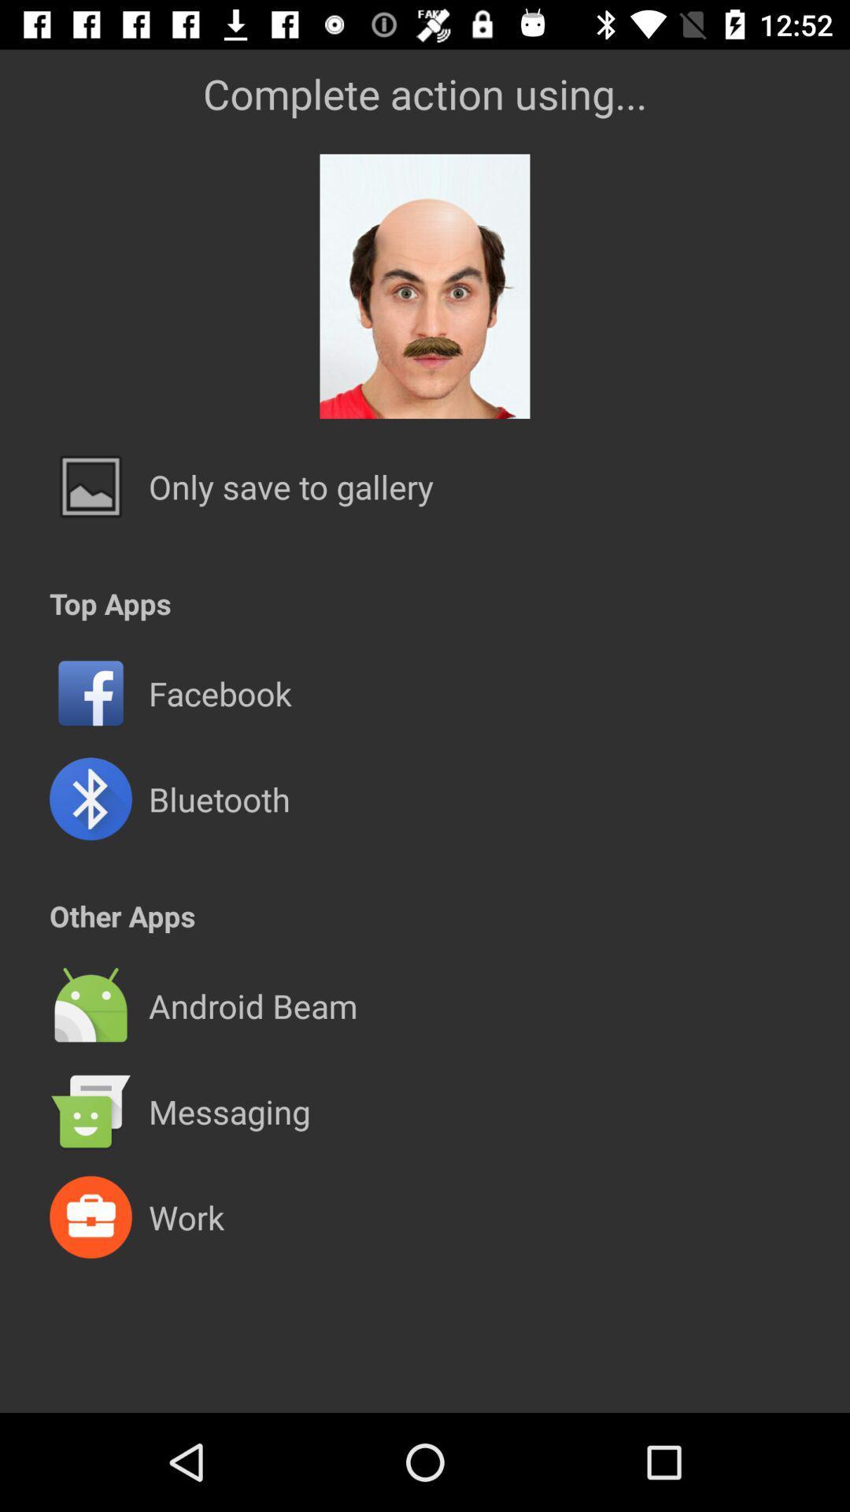  Describe the element at coordinates (185, 1216) in the screenshot. I see `work` at that location.